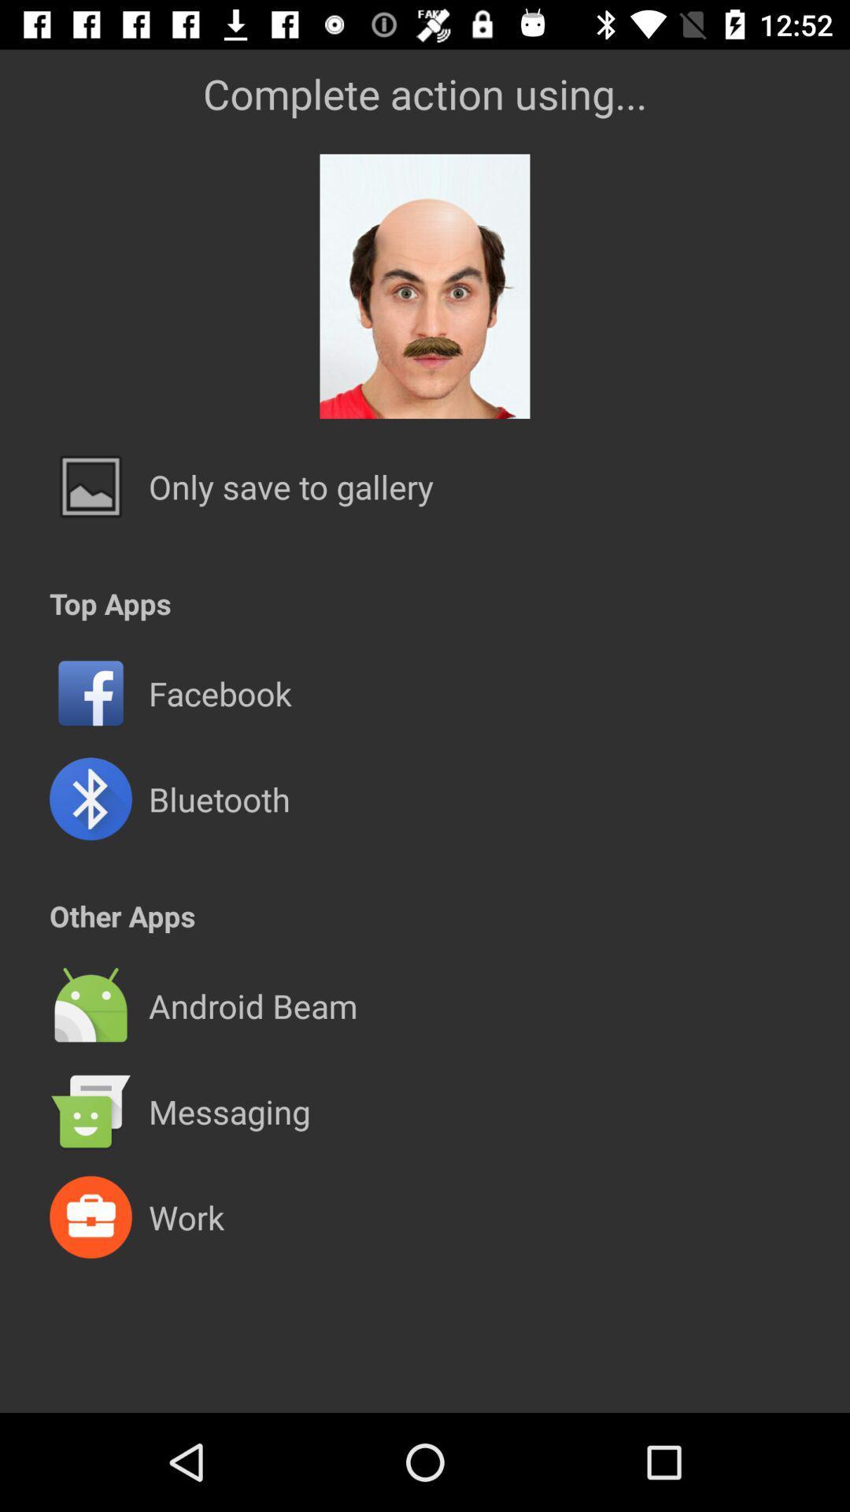  Describe the element at coordinates (185, 1216) in the screenshot. I see `work` at that location.